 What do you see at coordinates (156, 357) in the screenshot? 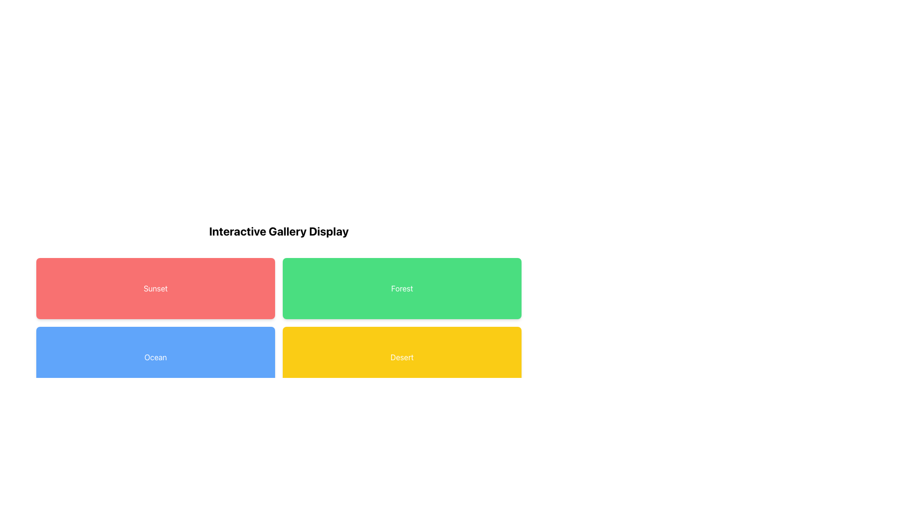
I see `the decorative Text Label located in the bottom-left block of the 2x2 grid layout, which indicates the name of the block or content within` at bounding box center [156, 357].